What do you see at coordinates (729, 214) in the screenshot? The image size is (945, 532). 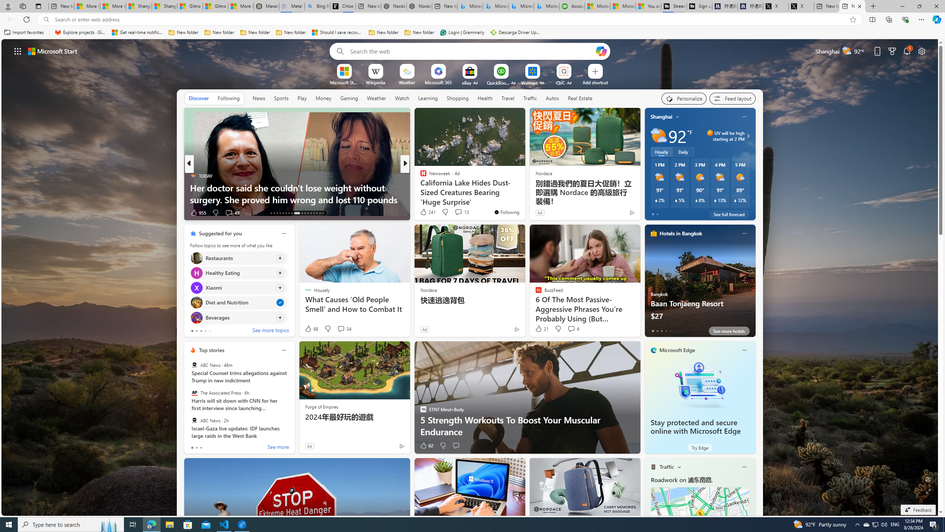 I see `'See full forecast'` at bounding box center [729, 214].